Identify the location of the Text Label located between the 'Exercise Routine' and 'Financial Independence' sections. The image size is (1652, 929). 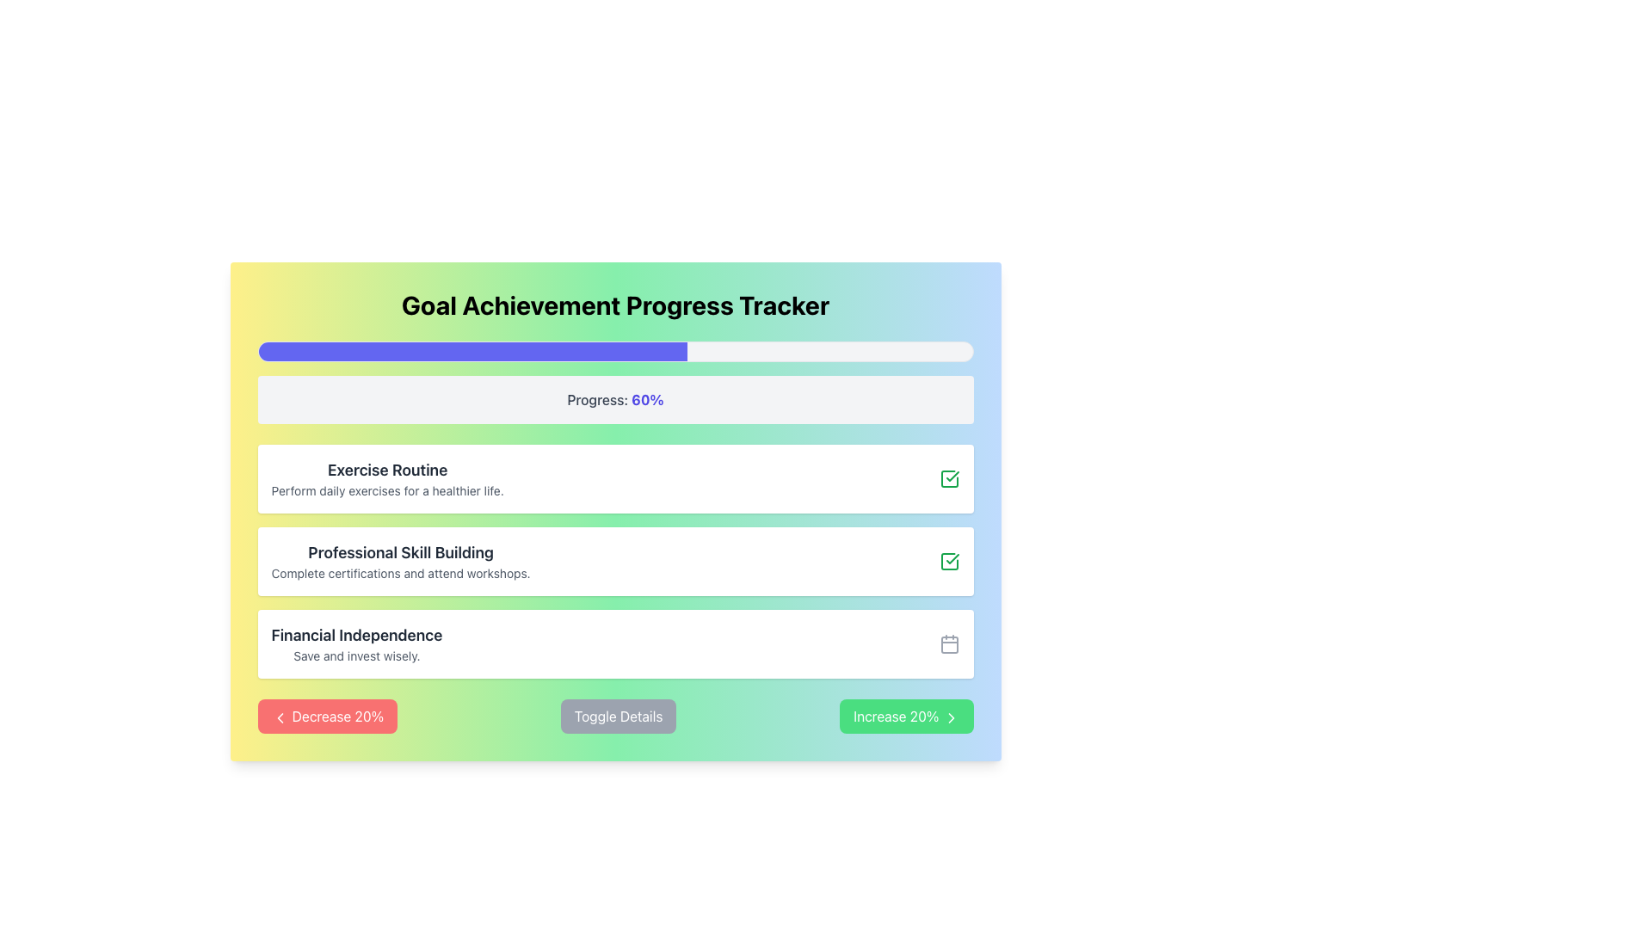
(400, 553).